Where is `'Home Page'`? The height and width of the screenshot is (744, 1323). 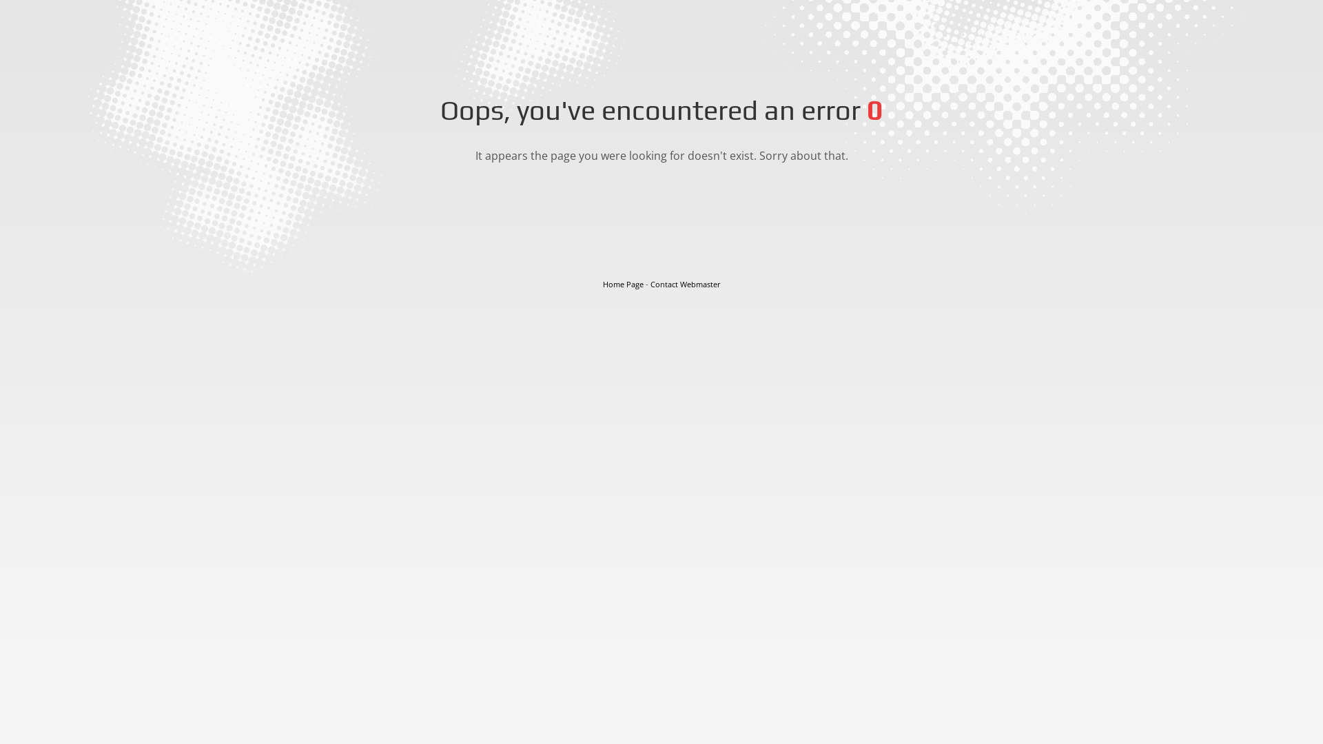
'Home Page' is located at coordinates (622, 283).